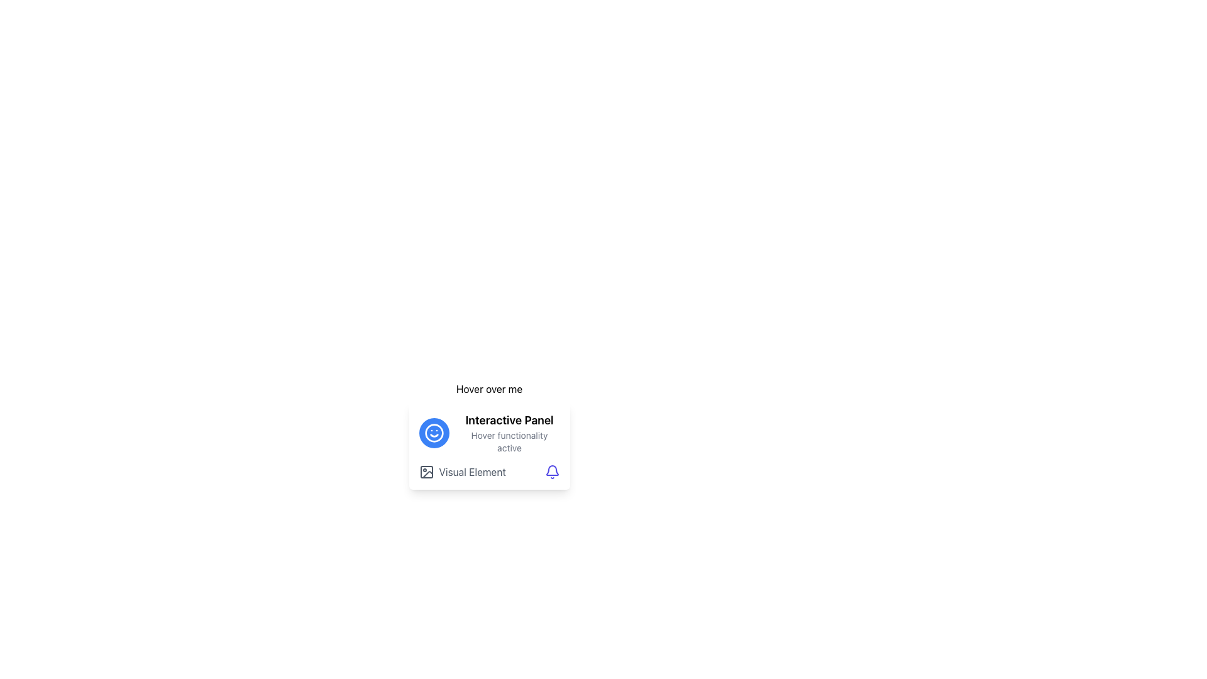 This screenshot has height=679, width=1207. I want to click on the Informational Panel, which features a white background, rounded corners, and the heading 'Interactive Panel', so click(488, 445).